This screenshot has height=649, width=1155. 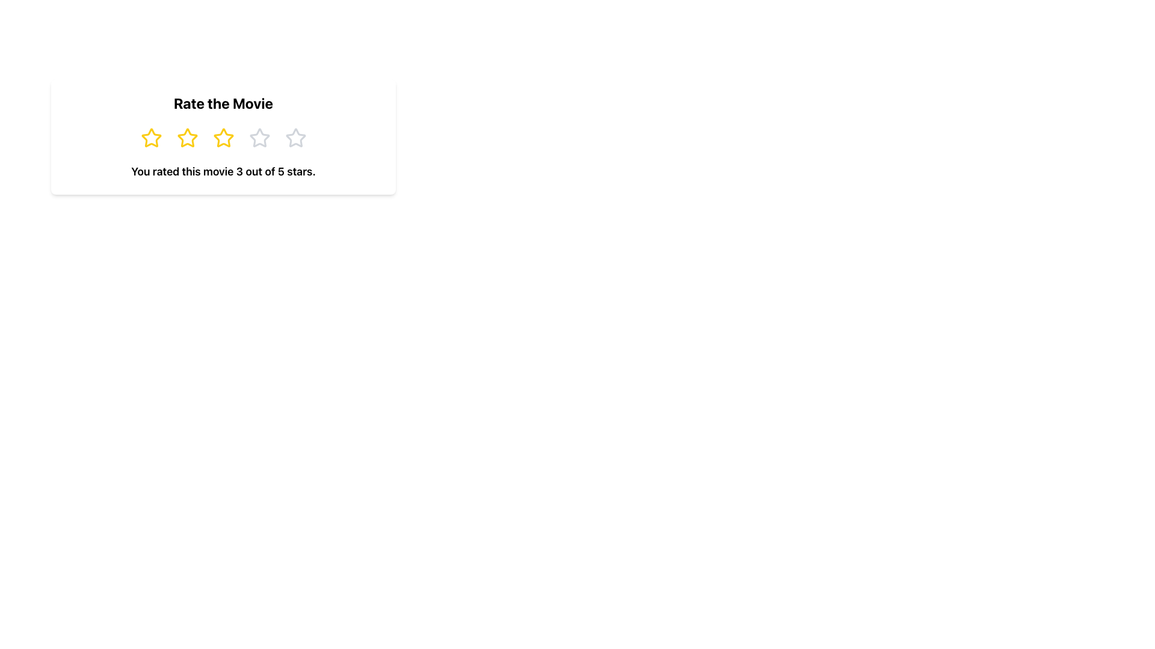 What do you see at coordinates (295, 138) in the screenshot?
I see `the fourth star icon in the rating system` at bounding box center [295, 138].